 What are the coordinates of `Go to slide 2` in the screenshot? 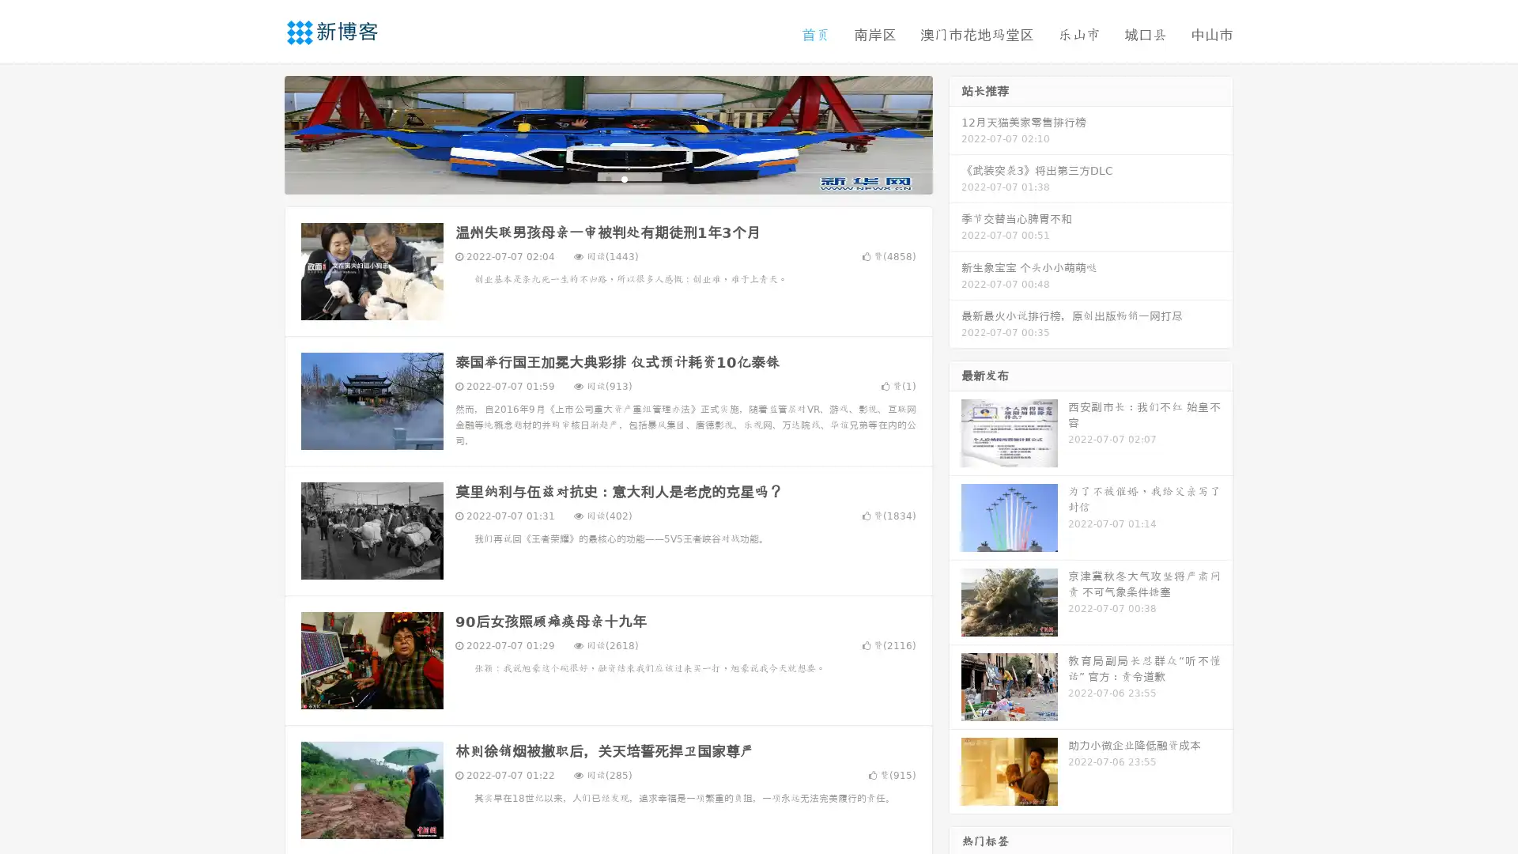 It's located at (607, 178).